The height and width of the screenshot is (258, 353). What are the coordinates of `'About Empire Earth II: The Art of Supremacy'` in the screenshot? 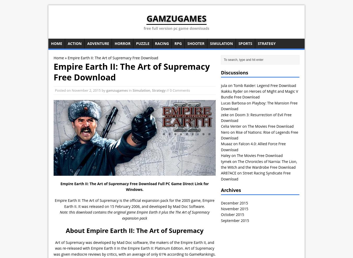 It's located at (134, 230).